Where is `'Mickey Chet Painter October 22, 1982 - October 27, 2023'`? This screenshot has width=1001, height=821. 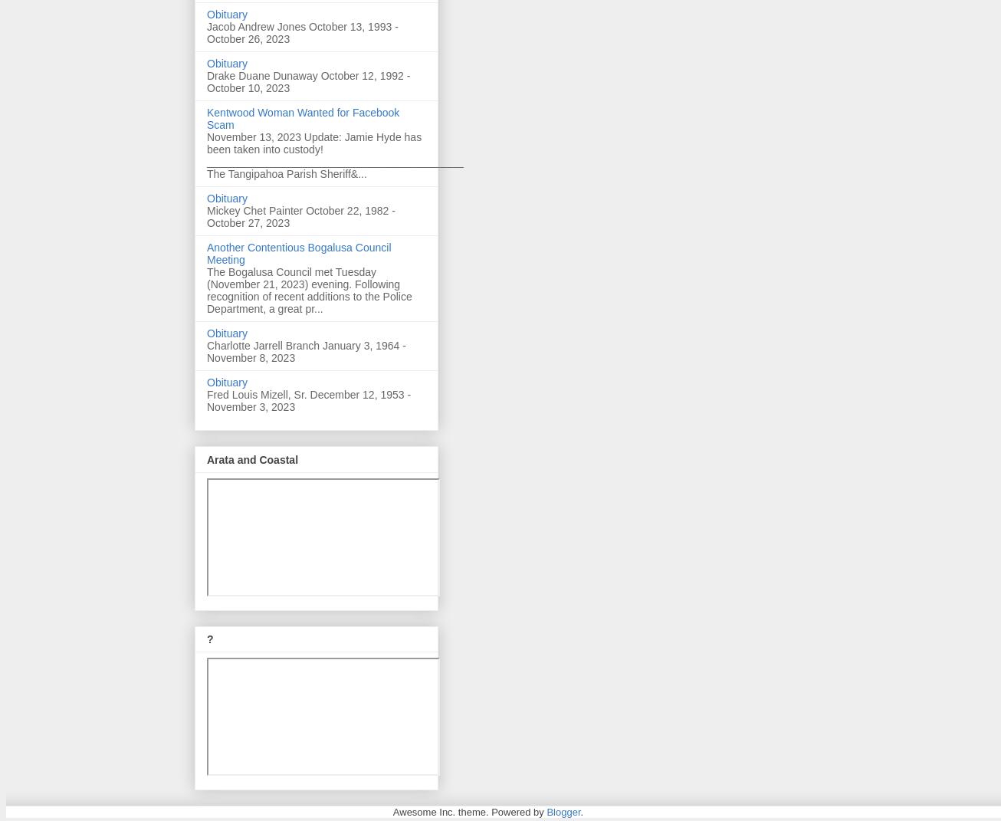
'Mickey Chet Painter October 22, 1982 - October 27, 2023' is located at coordinates (300, 216).